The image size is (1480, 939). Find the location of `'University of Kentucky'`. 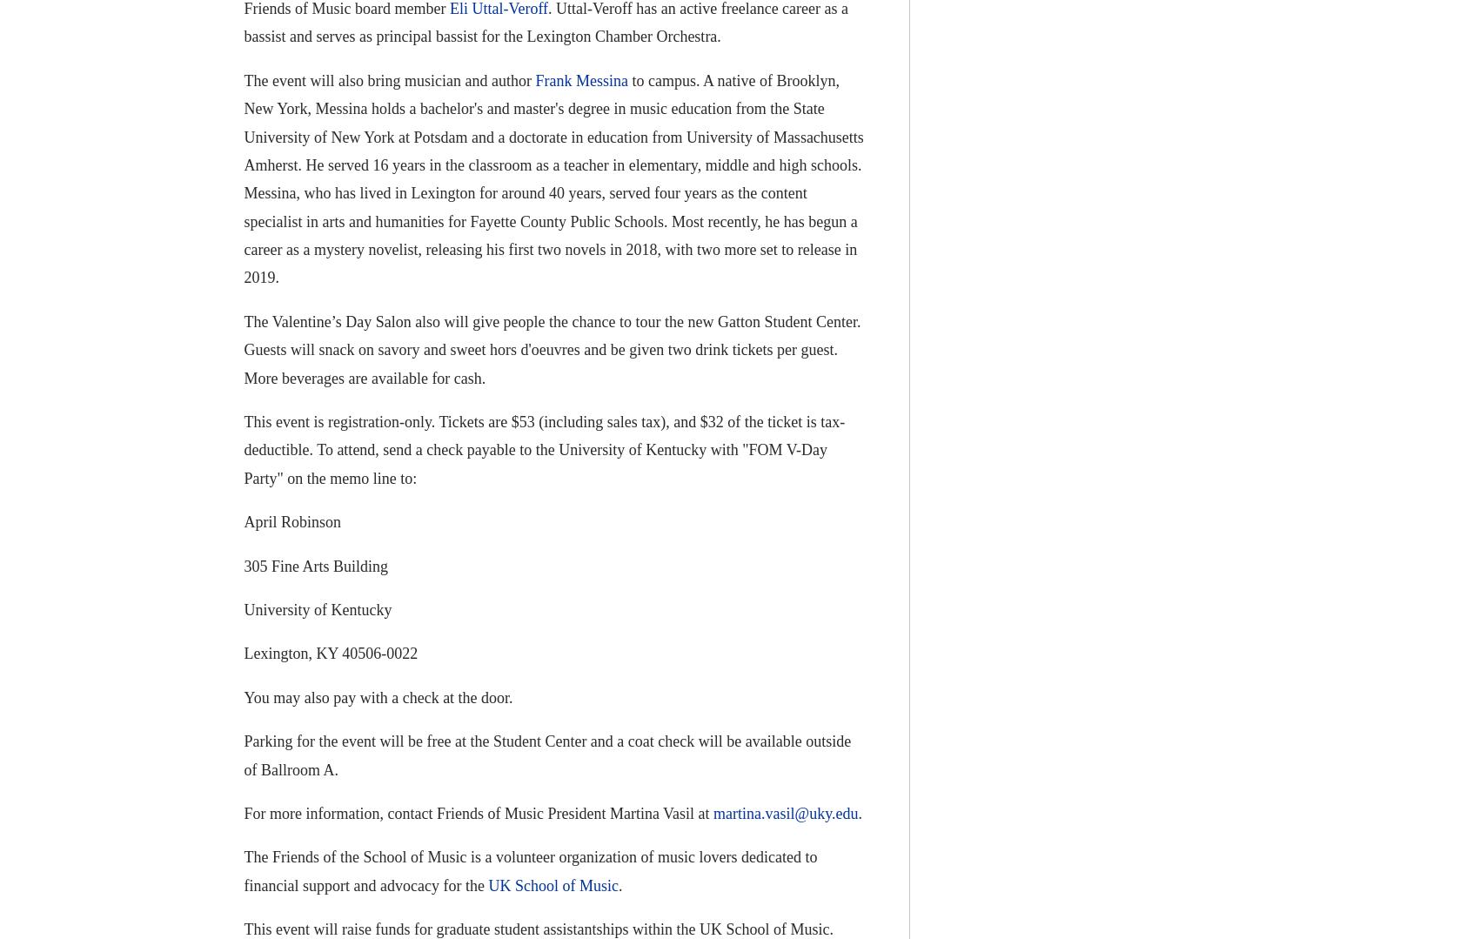

'University of Kentucky' is located at coordinates (243, 608).